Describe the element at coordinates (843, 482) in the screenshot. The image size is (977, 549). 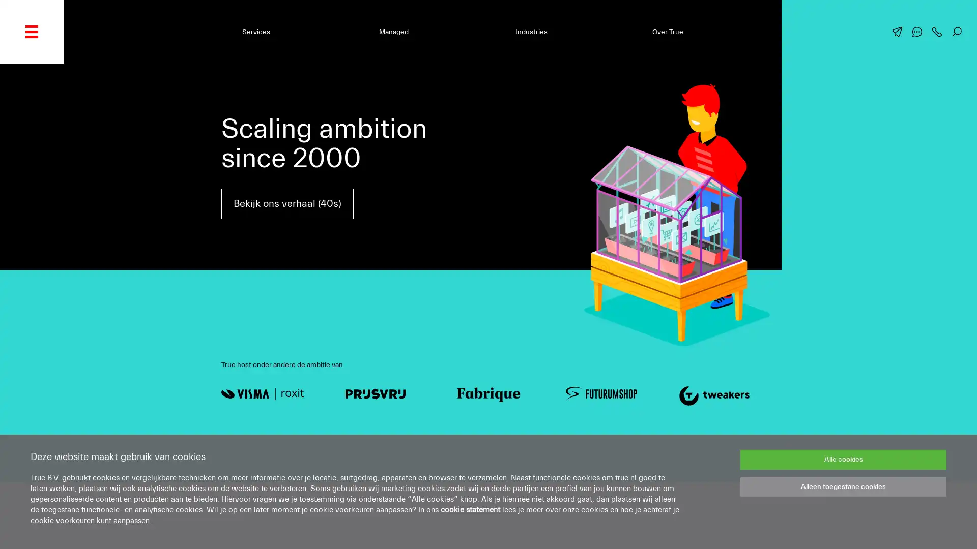
I see `Alleen toegestane cookies` at that location.